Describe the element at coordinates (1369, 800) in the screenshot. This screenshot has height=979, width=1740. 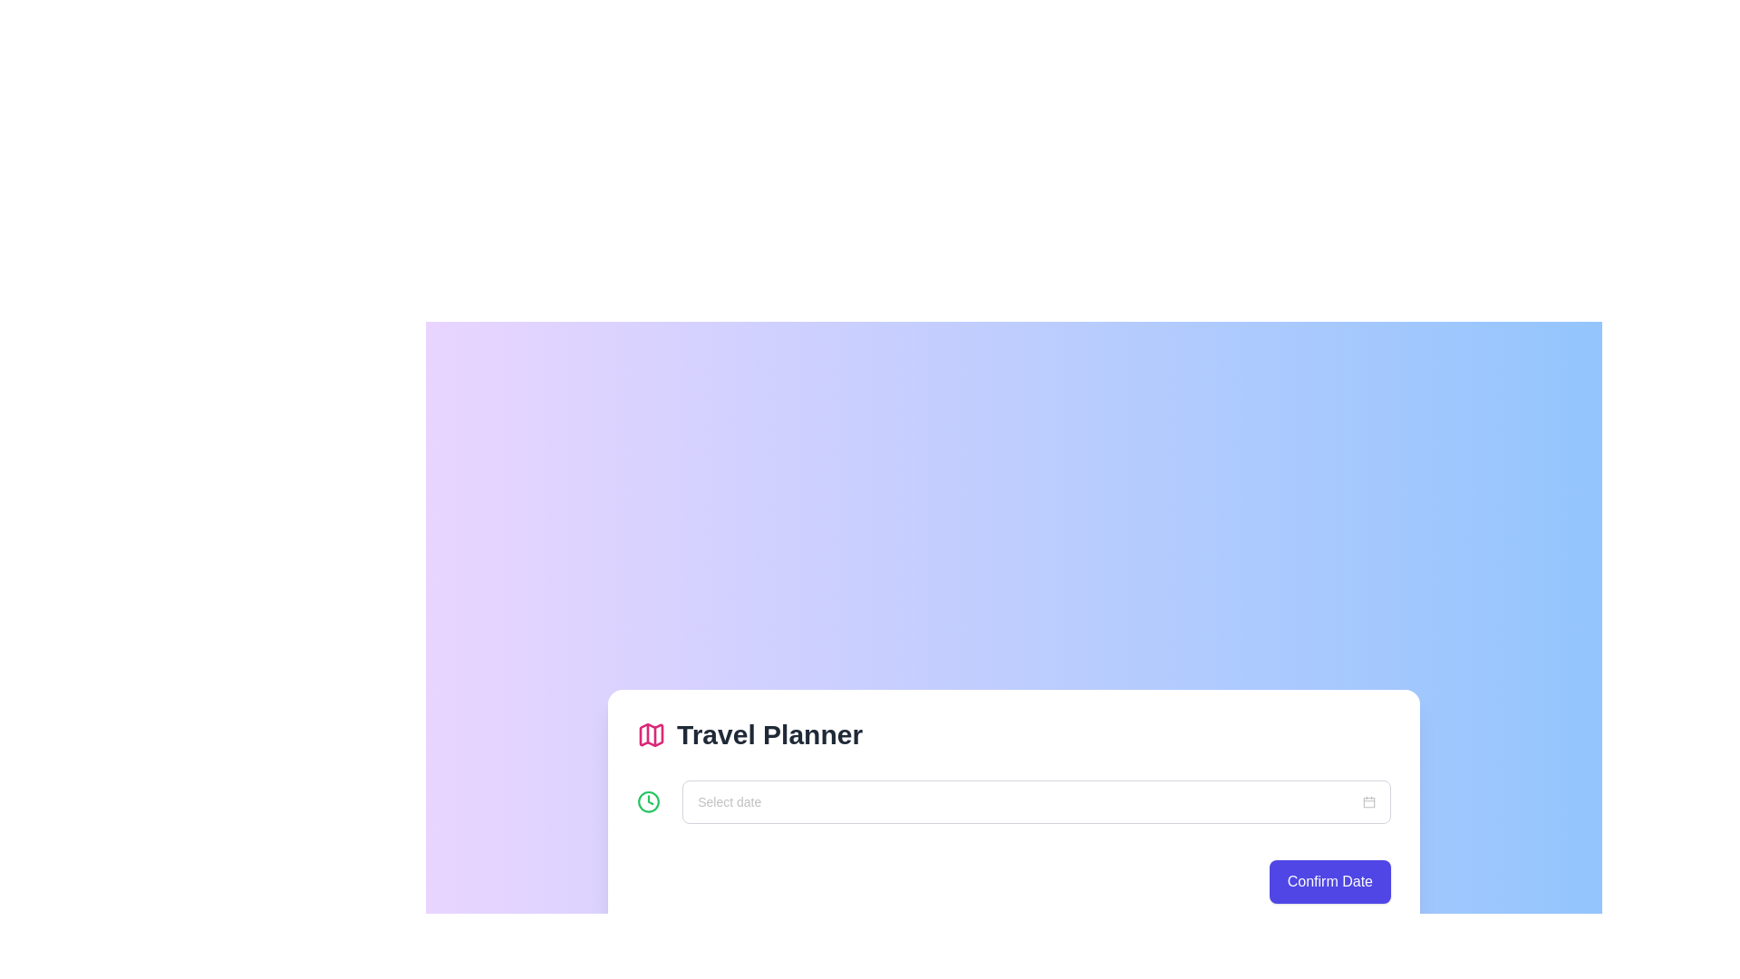
I see `the small calendar icon located to the right of the 'Select date' input field` at that location.